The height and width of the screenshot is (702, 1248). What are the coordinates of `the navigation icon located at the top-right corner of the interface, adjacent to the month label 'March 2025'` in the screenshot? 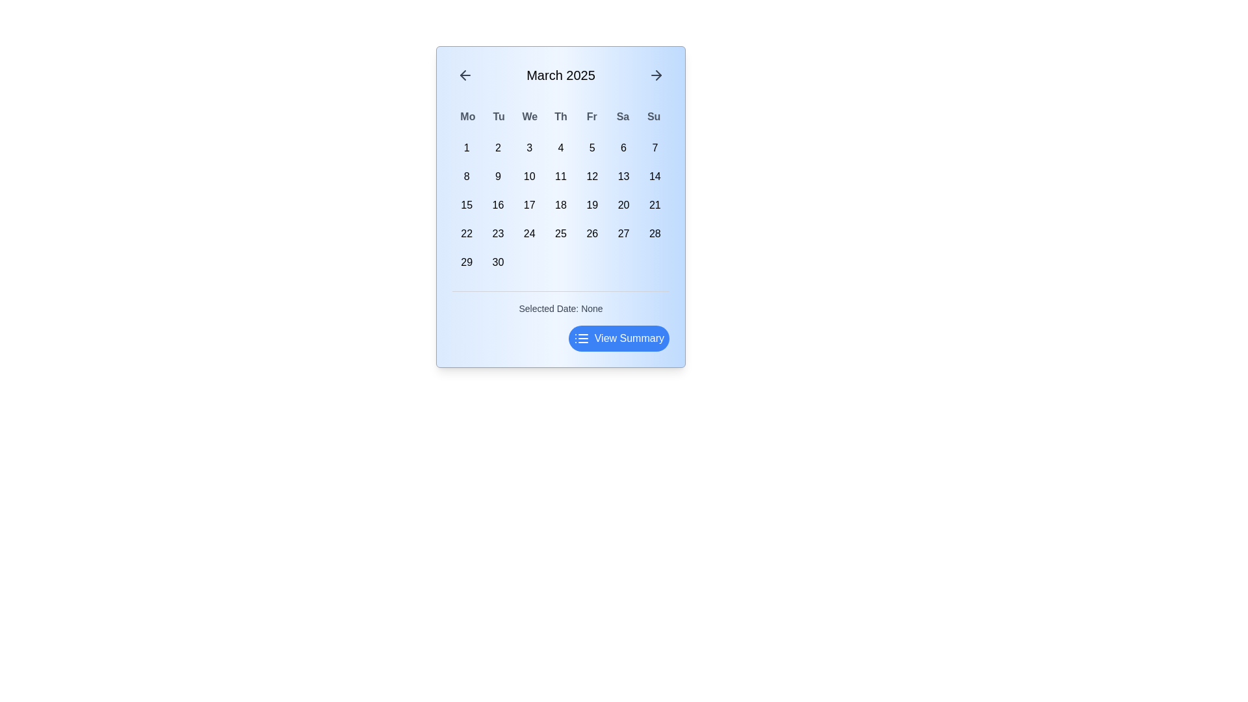 It's located at (658, 75).